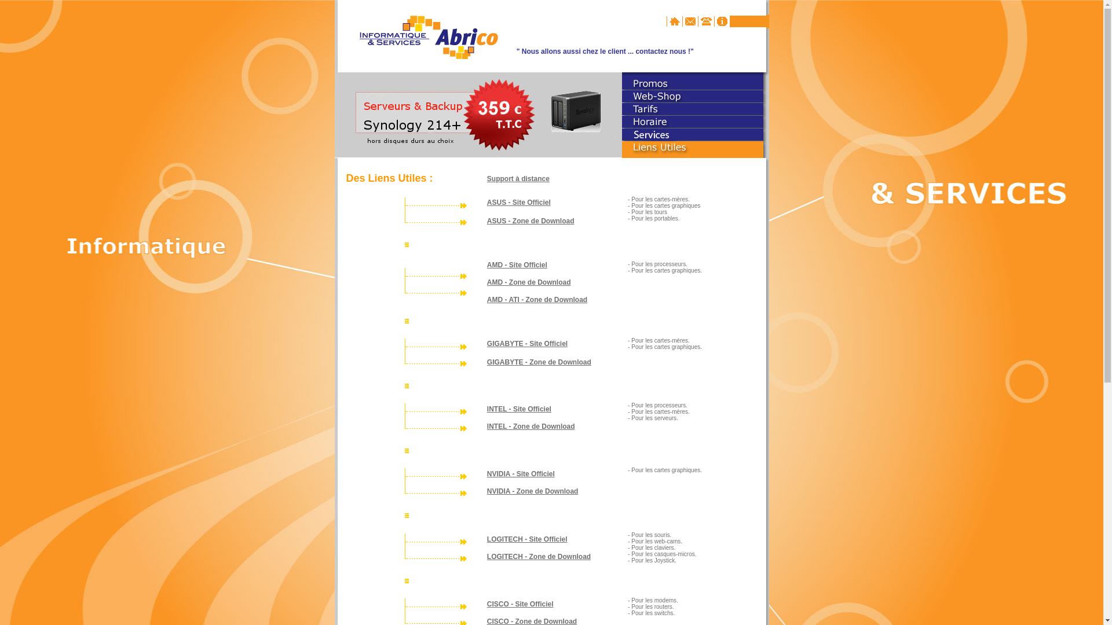 This screenshot has height=625, width=1112. I want to click on 'AMD - Zone de Download', so click(528, 282).